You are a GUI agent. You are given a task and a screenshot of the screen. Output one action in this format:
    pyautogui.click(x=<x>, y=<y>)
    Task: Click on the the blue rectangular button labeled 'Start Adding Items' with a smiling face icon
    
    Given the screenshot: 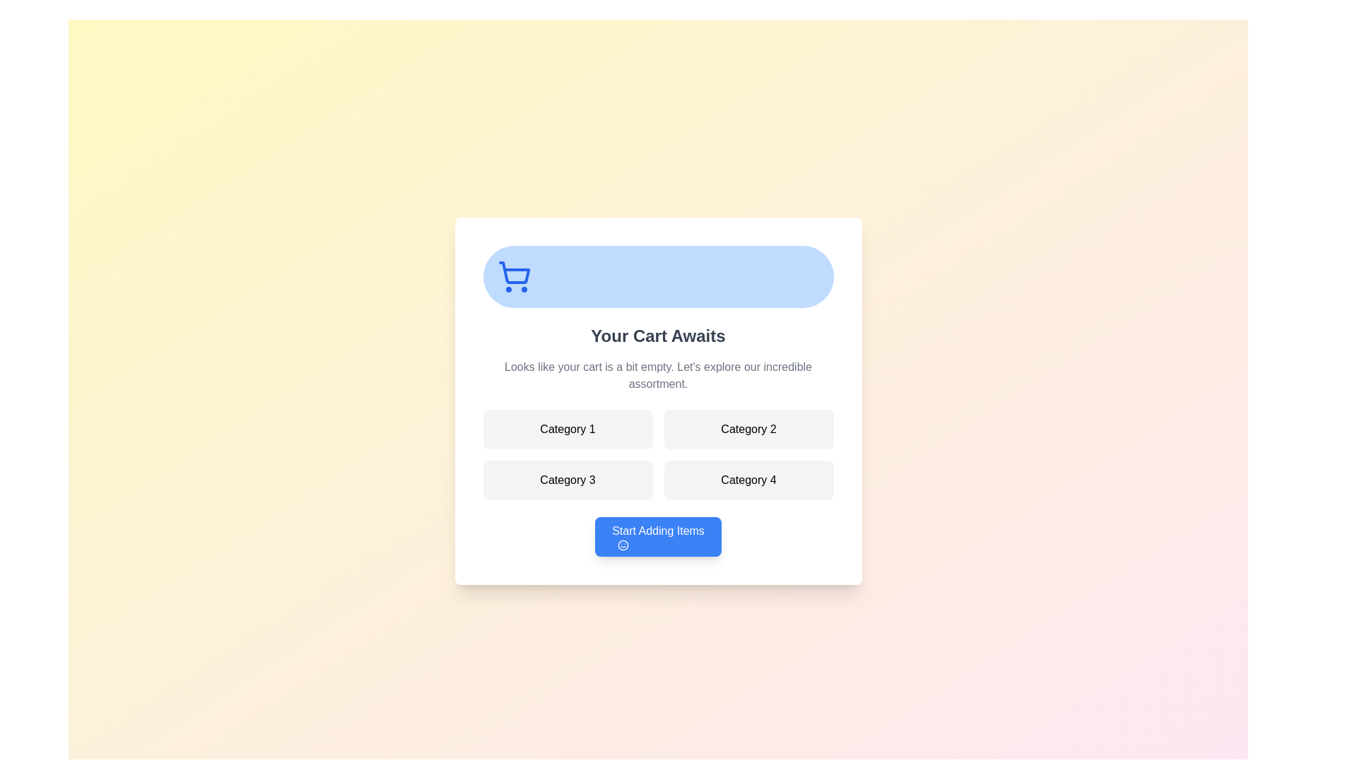 What is the action you would take?
    pyautogui.click(x=657, y=536)
    